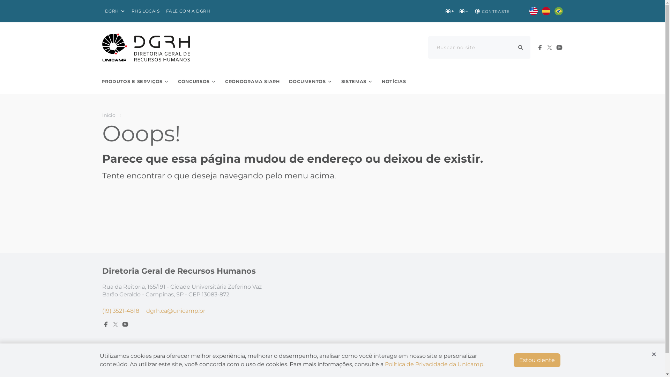 The height and width of the screenshot is (377, 670). Describe the element at coordinates (554, 11) in the screenshot. I see `'Portuguese'` at that location.